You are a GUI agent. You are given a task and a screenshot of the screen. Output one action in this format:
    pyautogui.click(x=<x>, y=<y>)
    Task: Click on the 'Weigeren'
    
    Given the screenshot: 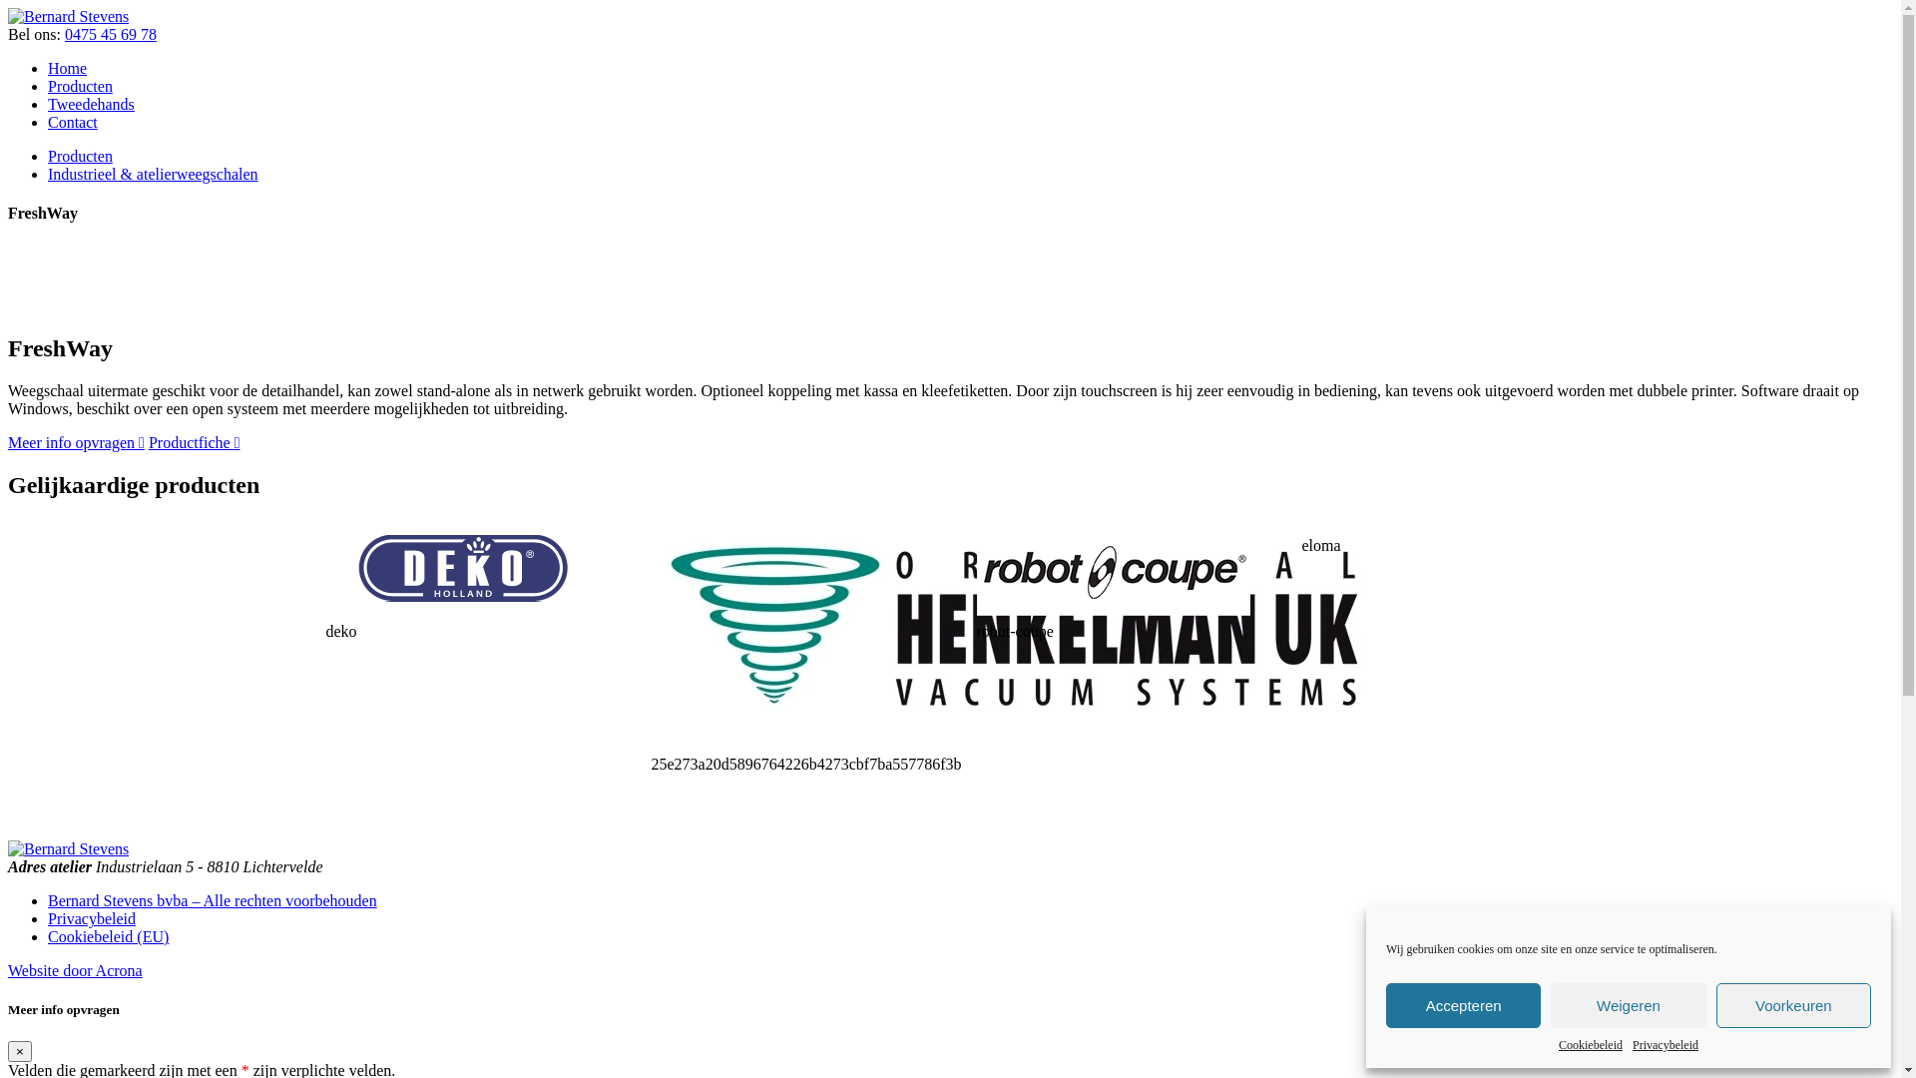 What is the action you would take?
    pyautogui.click(x=1628, y=1005)
    